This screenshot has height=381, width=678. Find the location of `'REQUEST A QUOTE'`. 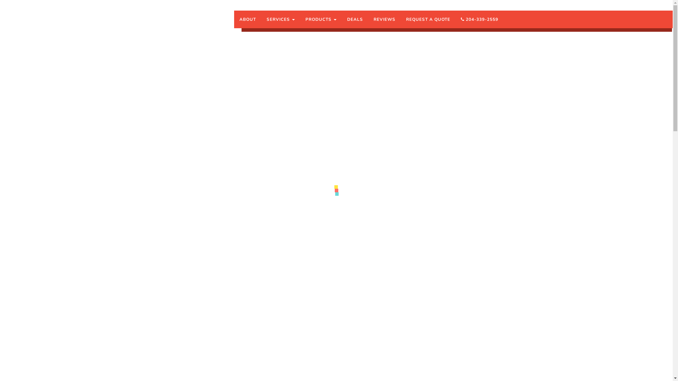

'REQUEST A QUOTE' is located at coordinates (428, 19).